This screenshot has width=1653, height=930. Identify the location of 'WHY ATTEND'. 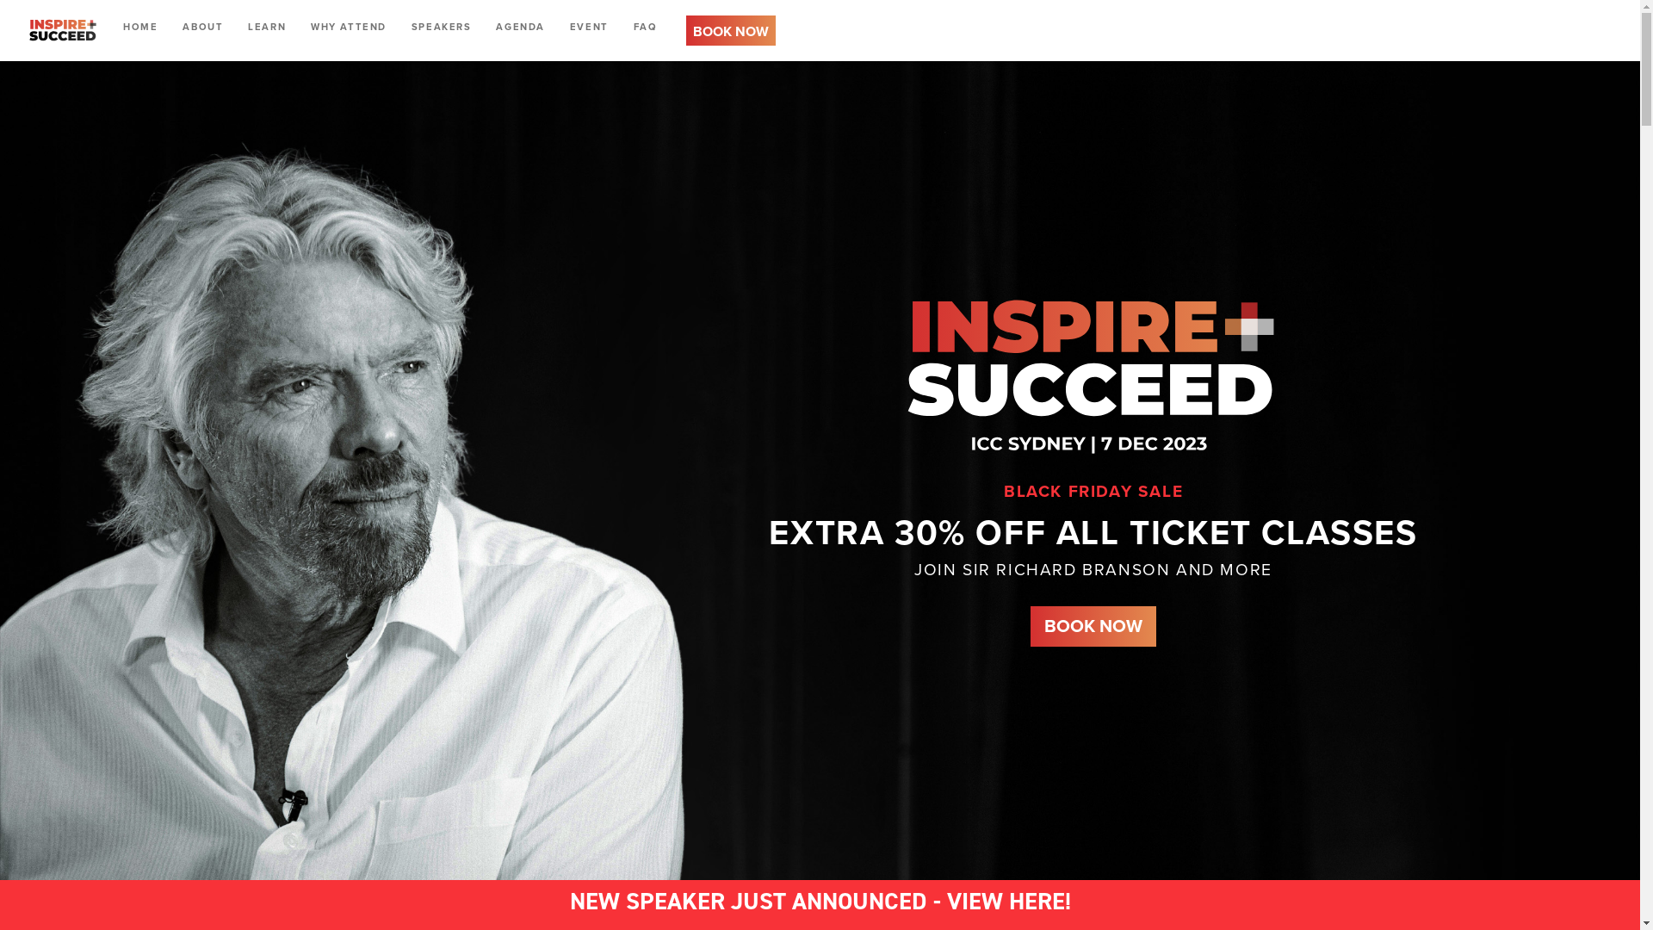
(347, 26).